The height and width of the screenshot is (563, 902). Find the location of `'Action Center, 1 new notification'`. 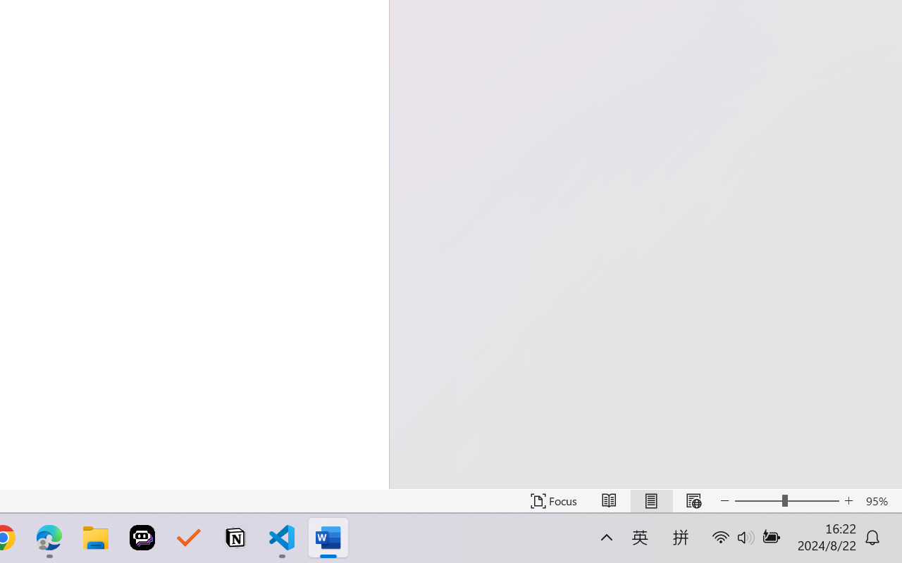

'Action Center, 1 new notification' is located at coordinates (881, 546).